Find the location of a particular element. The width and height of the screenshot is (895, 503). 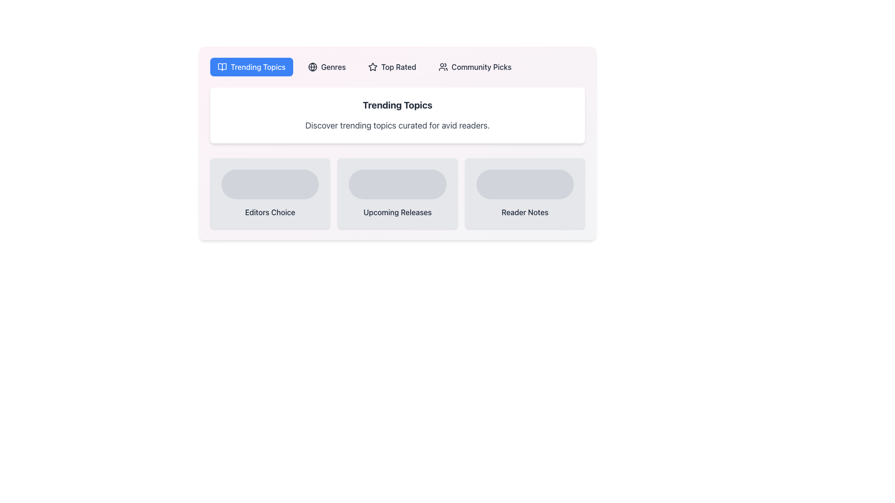

the middle card in the 'Upcoming Releases' section is located at coordinates (398, 193).